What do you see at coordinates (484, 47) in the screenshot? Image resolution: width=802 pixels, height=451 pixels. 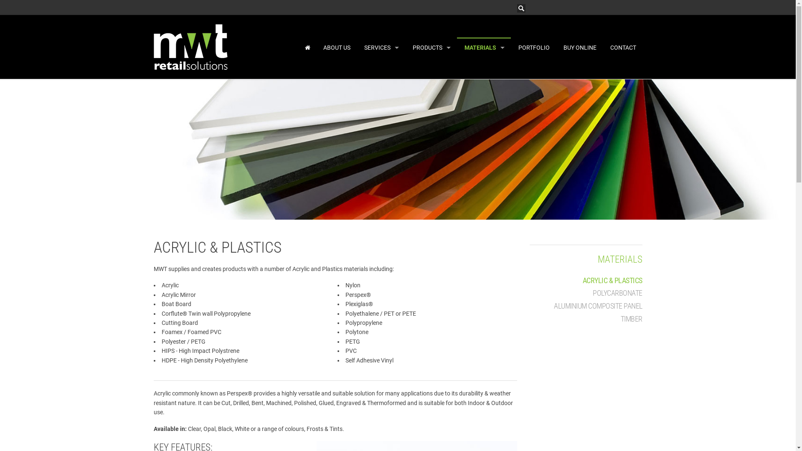 I see `'MATERIALS'` at bounding box center [484, 47].